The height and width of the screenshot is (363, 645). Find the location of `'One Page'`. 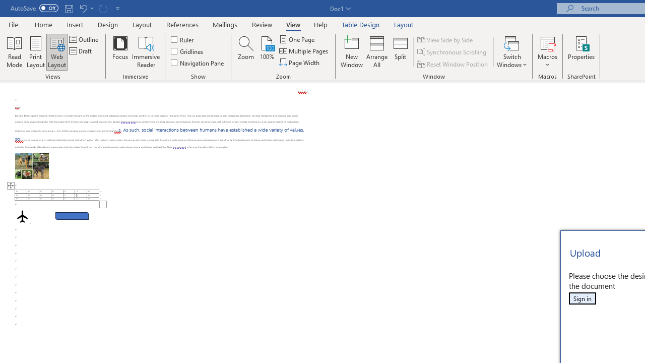

'One Page' is located at coordinates (297, 39).